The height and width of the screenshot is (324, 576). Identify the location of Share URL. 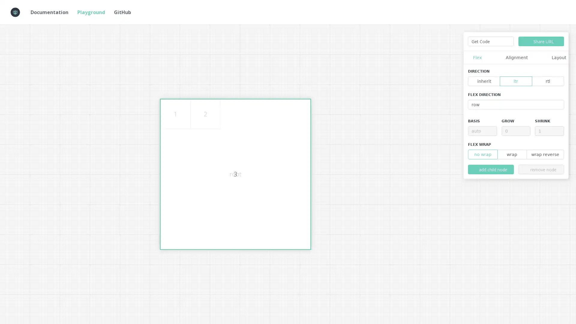
(541, 41).